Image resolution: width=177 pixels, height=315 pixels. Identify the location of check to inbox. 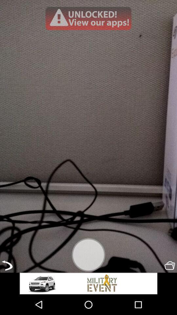
(170, 265).